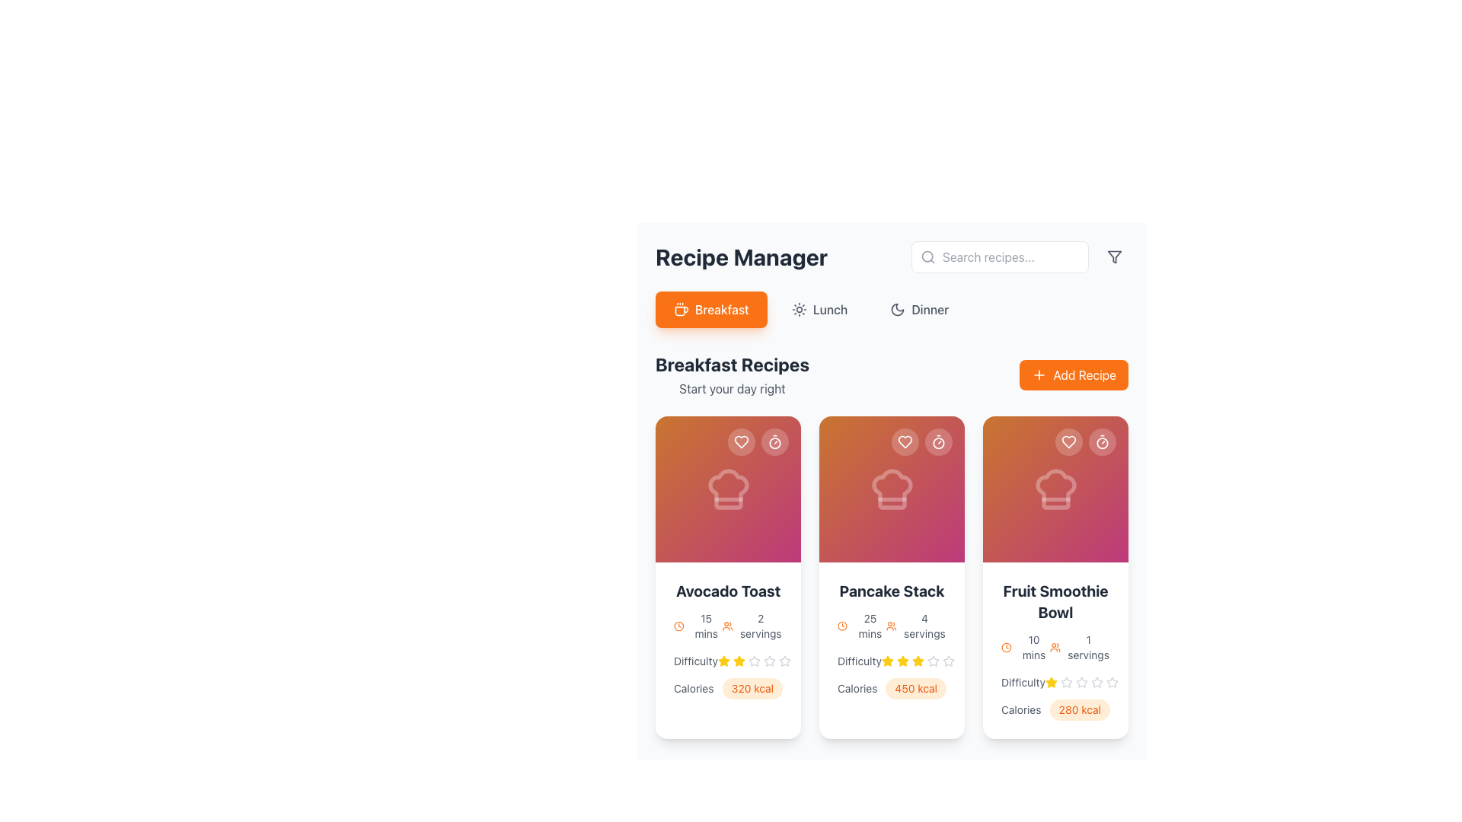  Describe the element at coordinates (752, 689) in the screenshot. I see `the pill-shaped tag displaying '320 kcal' with a soft orange background located in the 'Calories' section of the first recipe card` at that location.